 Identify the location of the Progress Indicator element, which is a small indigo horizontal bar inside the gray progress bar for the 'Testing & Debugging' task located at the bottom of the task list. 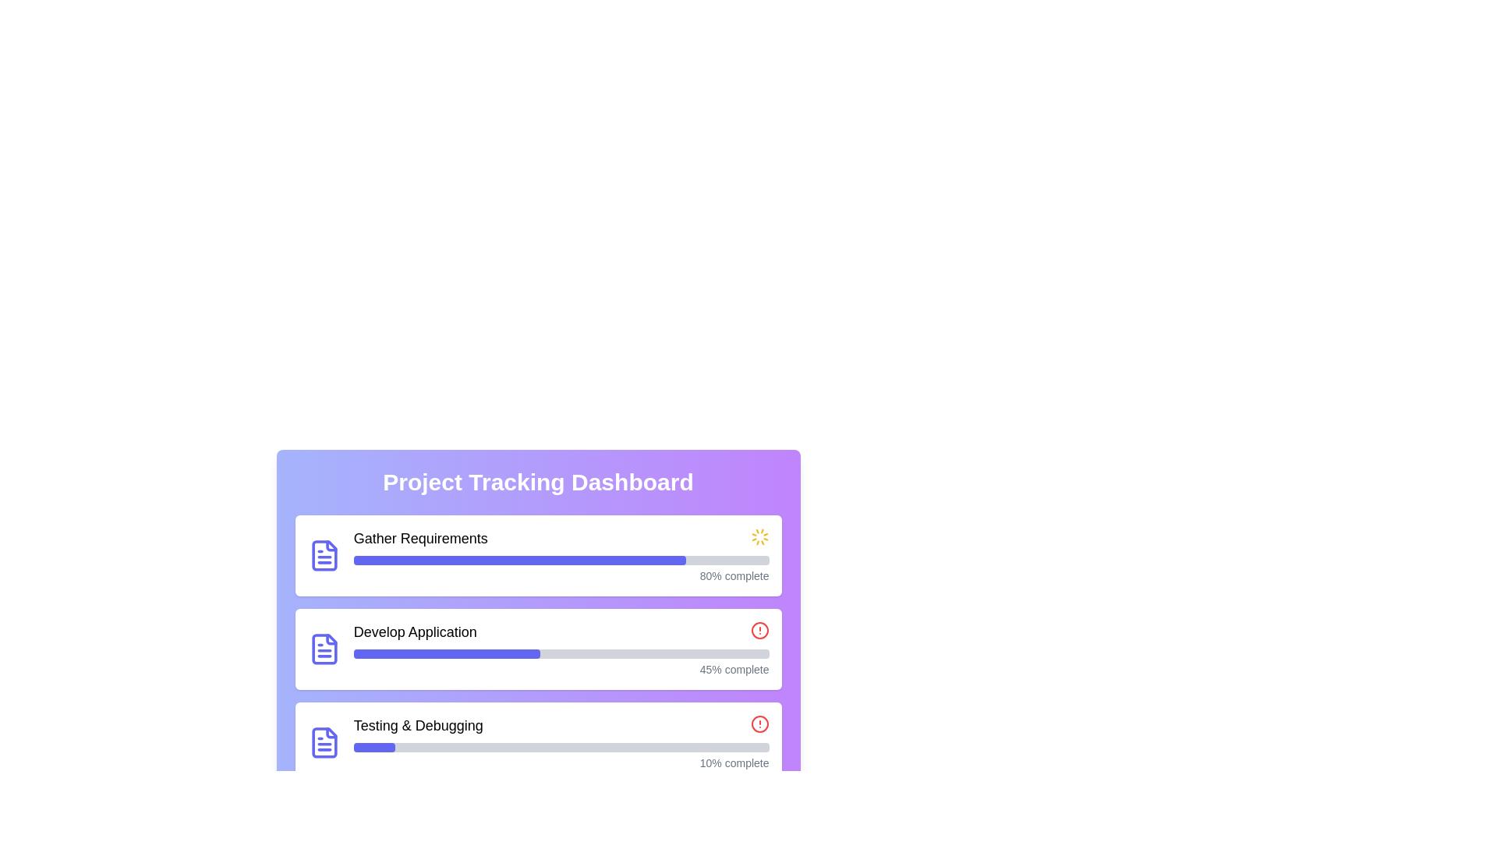
(374, 747).